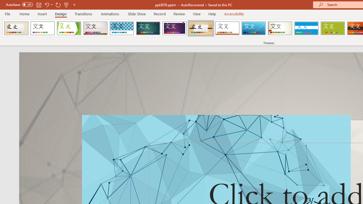  What do you see at coordinates (201, 28) in the screenshot?
I see `'Organic'` at bounding box center [201, 28].